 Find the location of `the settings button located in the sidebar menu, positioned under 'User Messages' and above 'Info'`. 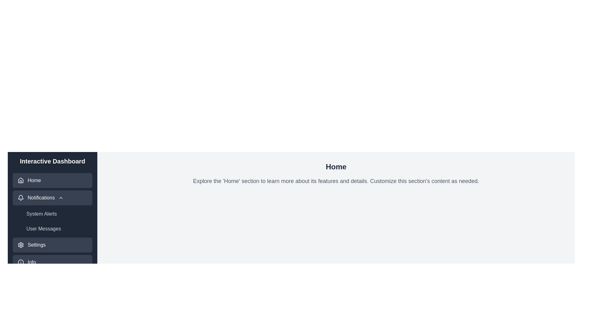

the settings button located in the sidebar menu, positioned under 'User Messages' and above 'Info' is located at coordinates (52, 245).